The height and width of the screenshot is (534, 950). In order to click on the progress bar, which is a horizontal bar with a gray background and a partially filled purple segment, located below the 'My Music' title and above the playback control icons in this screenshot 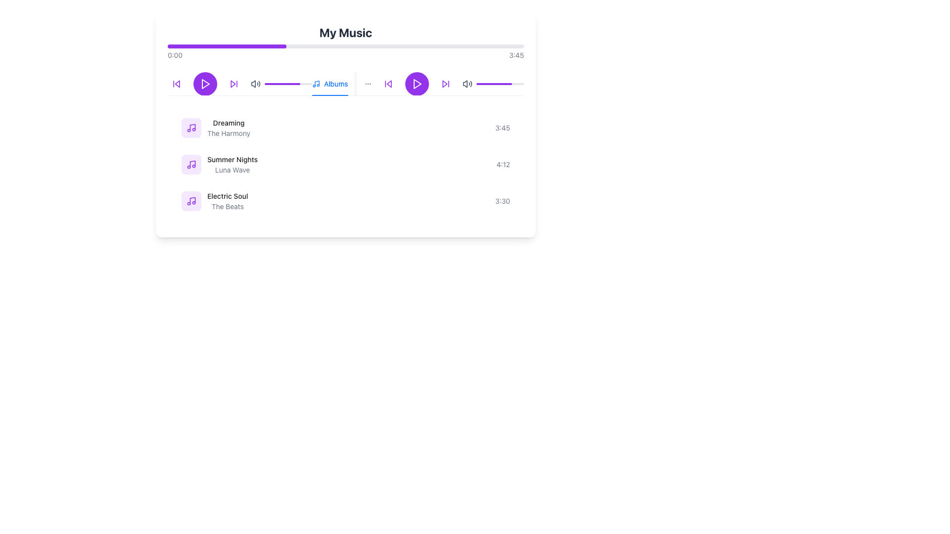, I will do `click(346, 46)`.